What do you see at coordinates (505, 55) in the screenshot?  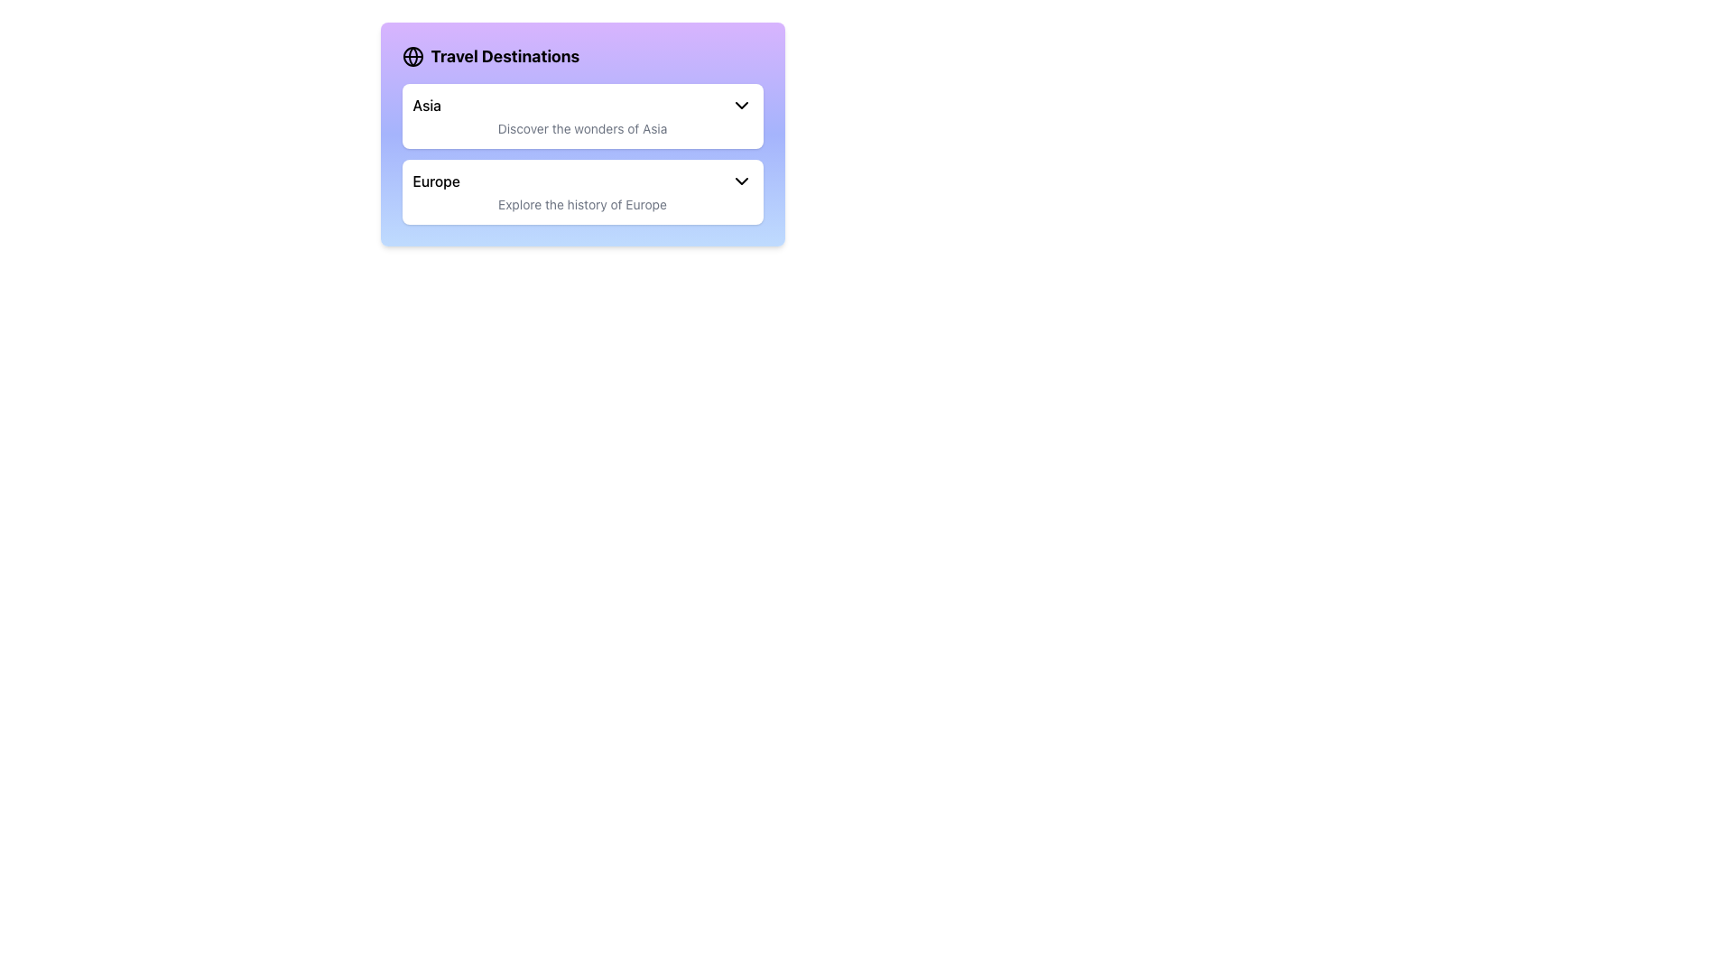 I see `the text label that serves as a title or heading, located near the top margin of a purple-gradient panel, positioned to the right of a globe icon` at bounding box center [505, 55].